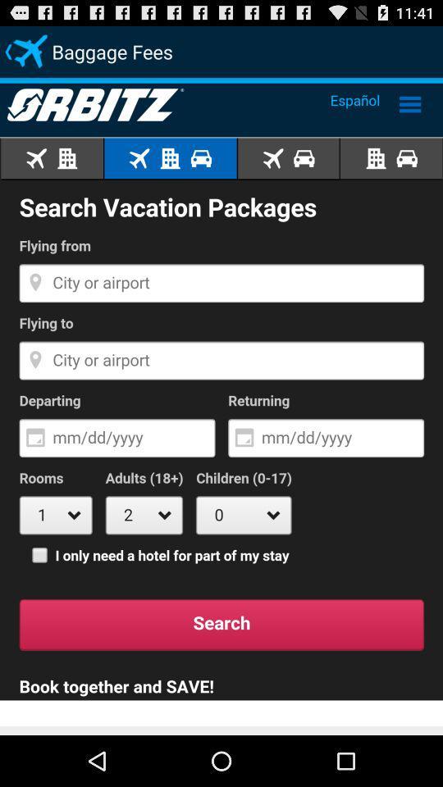 The width and height of the screenshot is (443, 787). I want to click on search, so click(221, 405).